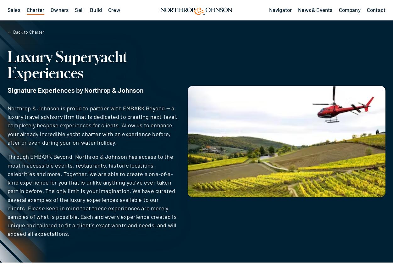 Image resolution: width=393 pixels, height=277 pixels. Describe the element at coordinates (92, 195) in the screenshot. I see `'Through EMBARK Beyond, Northrop & Johnson has access to the most inaccessible events, restaurants, historic locations, celebrities and more. Together, we are able to create a one-of-a-kind experience for you that is unlike anything you’ve ever taken part in before. The only limit is your imagination. We have curated several examples of the luxury experiences available to our clients. Please keep in mind that these experiences are merely samples of what is possible. Each and every experience created is unique and tailored to fit a client’s exact wants and needs, and will exceed all expectations.'` at that location.